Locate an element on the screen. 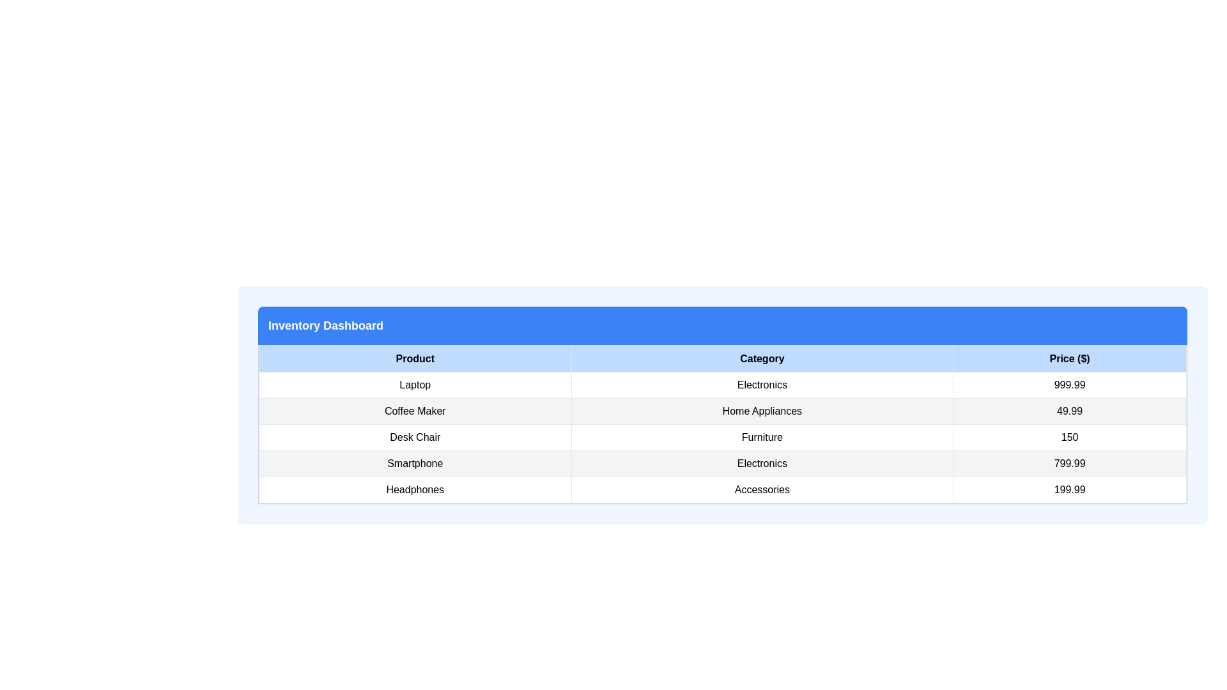 The width and height of the screenshot is (1227, 690). static text label displaying 'Inventory Dashboard' which is located in the blue header bar at the top of the interface is located at coordinates (325, 325).